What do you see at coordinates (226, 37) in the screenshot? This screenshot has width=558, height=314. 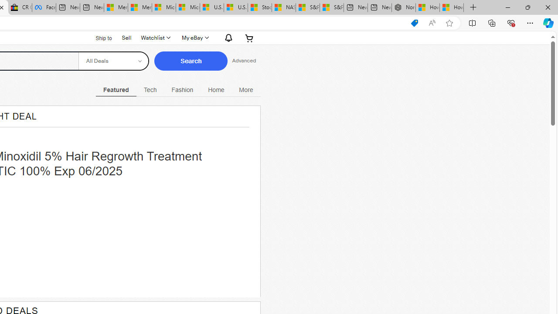 I see `'Notifications'` at bounding box center [226, 37].